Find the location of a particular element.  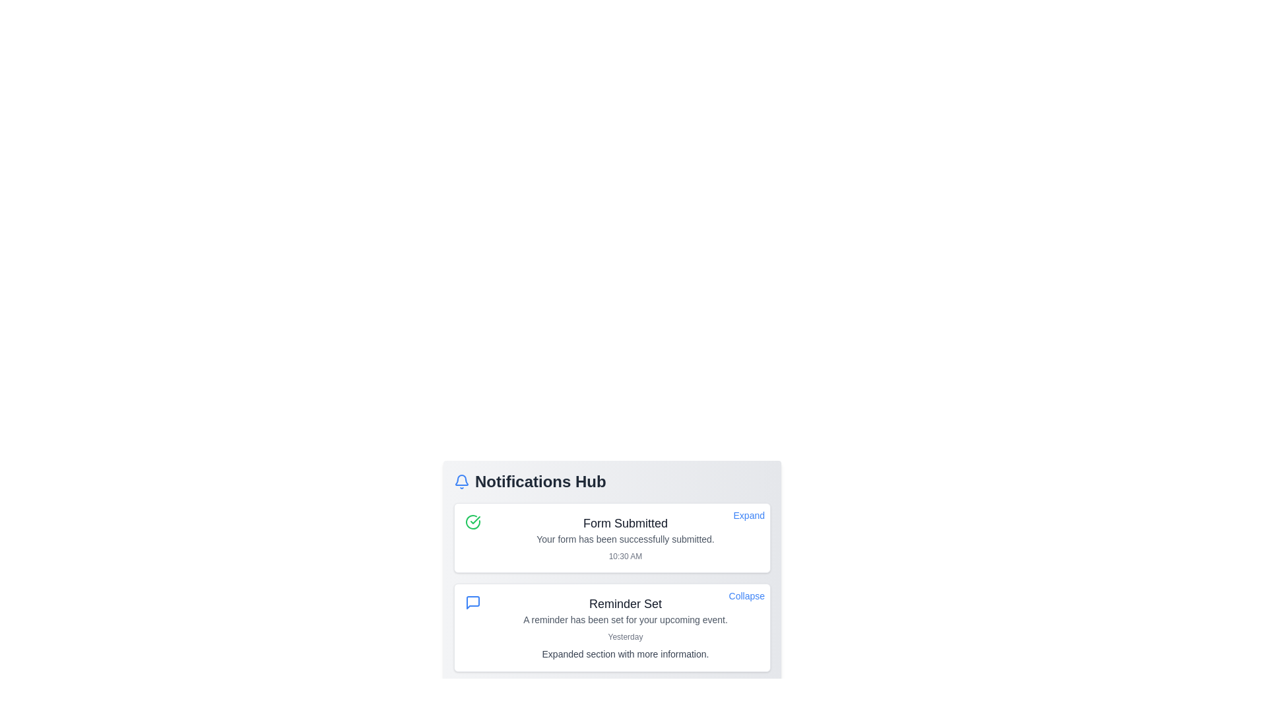

the green circular icon with a checkmark symbol located in the 'Form Submitted' notification box in the Notifications Hub is located at coordinates (472, 521).